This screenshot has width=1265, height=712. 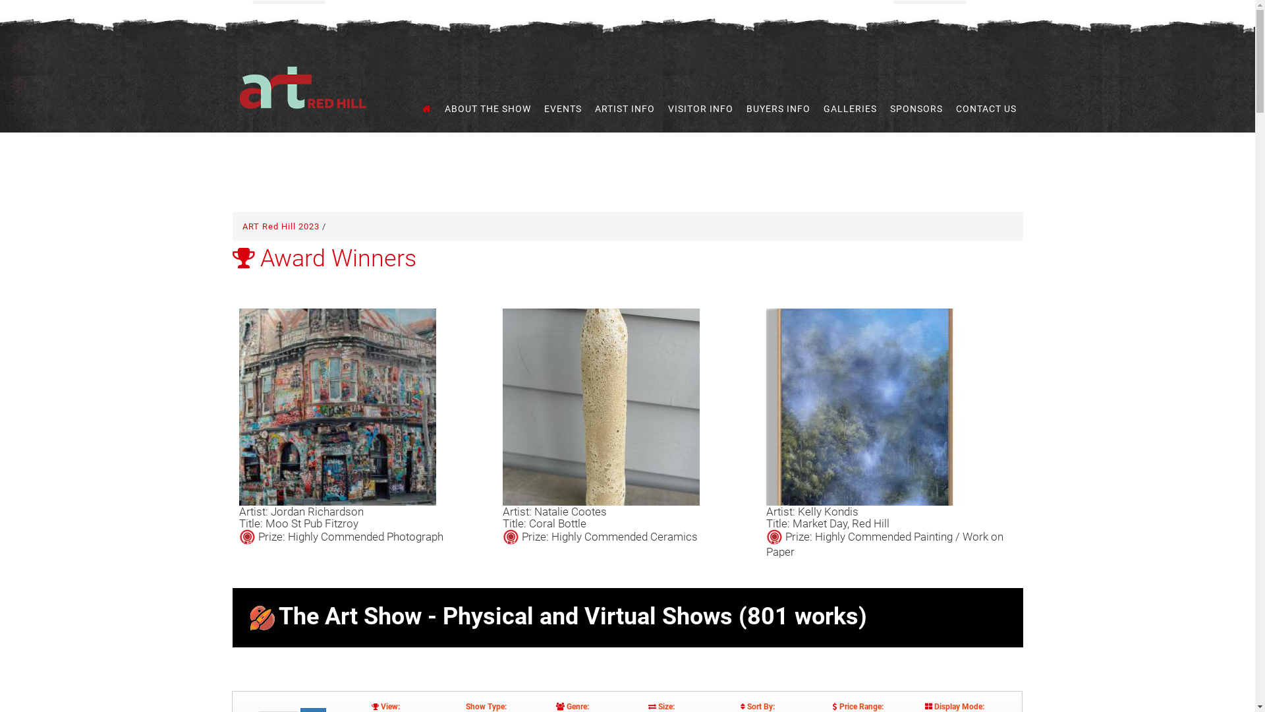 I want to click on 'EVENTS', so click(x=562, y=108).